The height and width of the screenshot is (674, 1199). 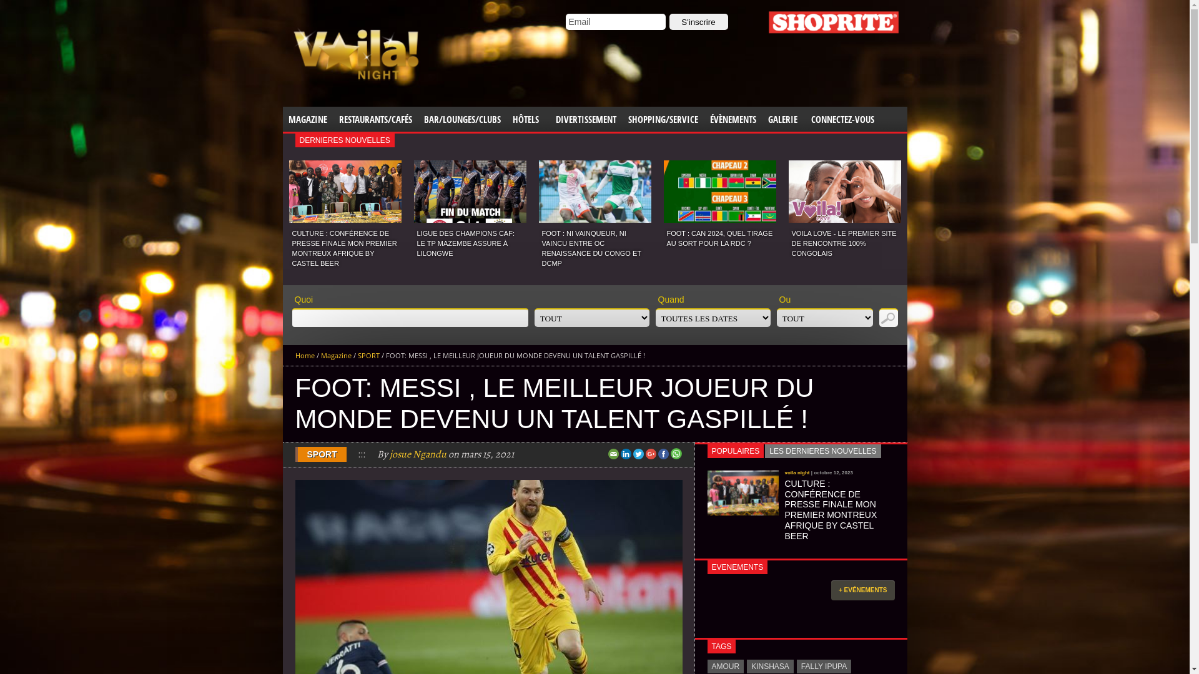 What do you see at coordinates (720, 237) in the screenshot?
I see `'FOOT : CAN 2024, QUEL TIRAGE AU SORT POUR LA RDC ?'` at bounding box center [720, 237].